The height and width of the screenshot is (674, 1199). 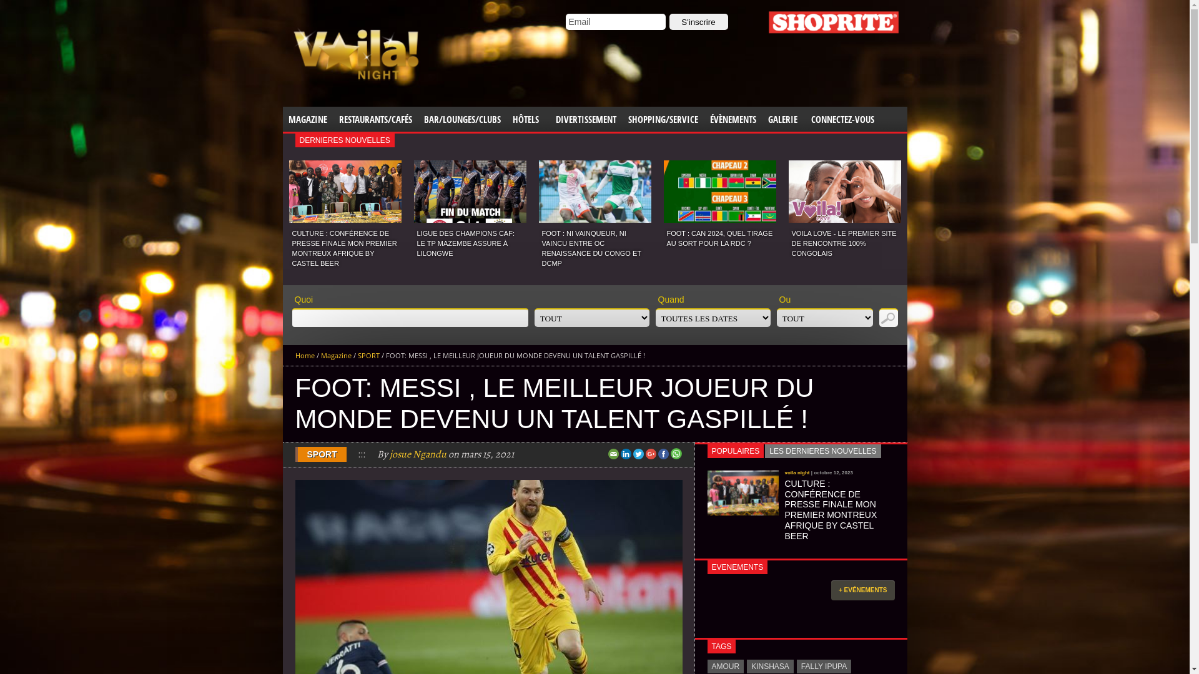 What do you see at coordinates (720, 237) in the screenshot?
I see `'FOOT : CAN 2024, QUEL TIRAGE AU SORT POUR LA RDC ?'` at bounding box center [720, 237].